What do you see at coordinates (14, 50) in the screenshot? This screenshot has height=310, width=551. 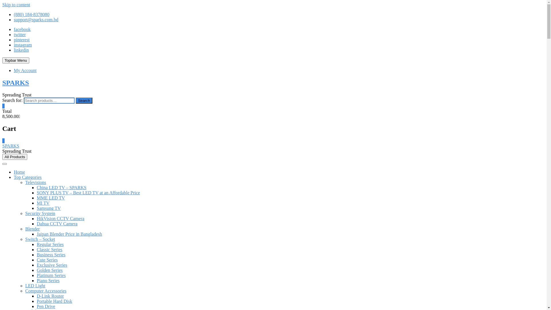 I see `'linkedin'` at bounding box center [14, 50].